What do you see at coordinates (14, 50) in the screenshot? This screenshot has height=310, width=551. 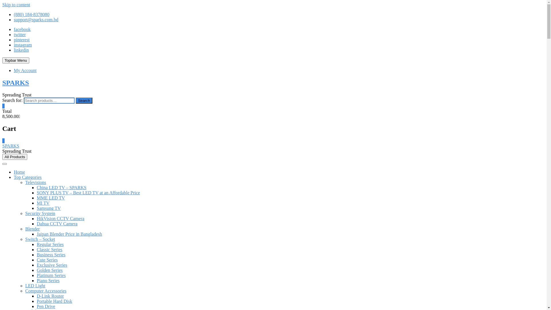 I see `'linkedin'` at bounding box center [14, 50].